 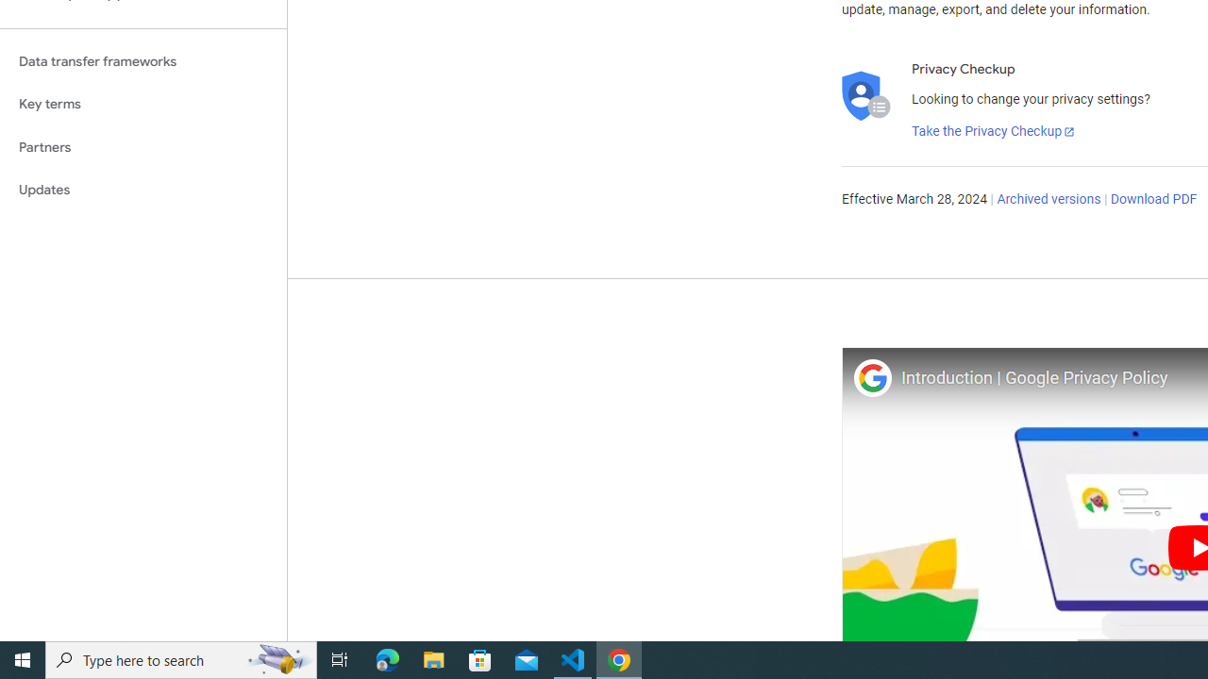 I want to click on 'Photo image of Google', so click(x=871, y=377).